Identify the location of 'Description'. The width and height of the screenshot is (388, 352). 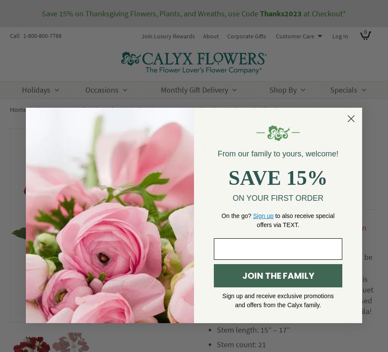
(230, 200).